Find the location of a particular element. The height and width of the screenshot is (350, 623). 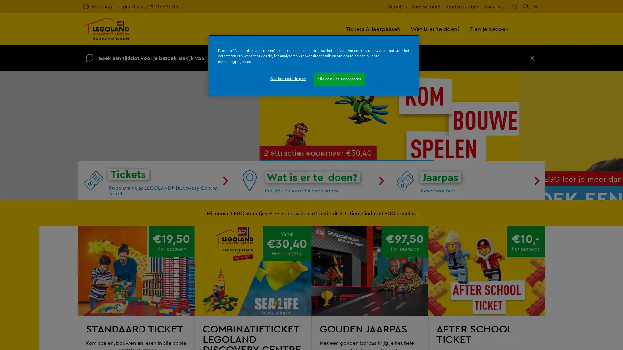

Cookie-instellingen is located at coordinates (287, 78).